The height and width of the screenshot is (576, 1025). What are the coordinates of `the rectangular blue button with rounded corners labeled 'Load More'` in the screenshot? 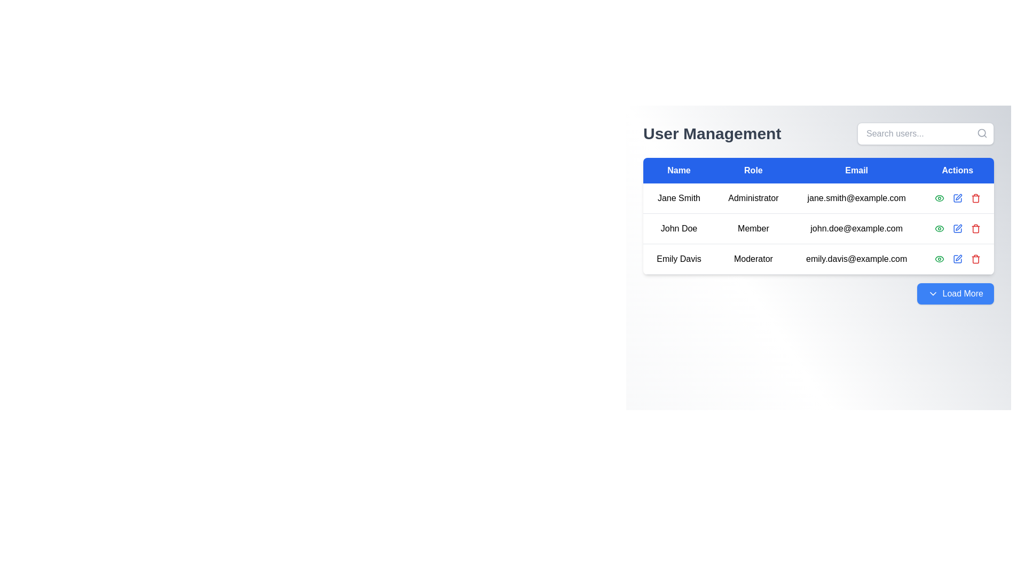 It's located at (818, 294).